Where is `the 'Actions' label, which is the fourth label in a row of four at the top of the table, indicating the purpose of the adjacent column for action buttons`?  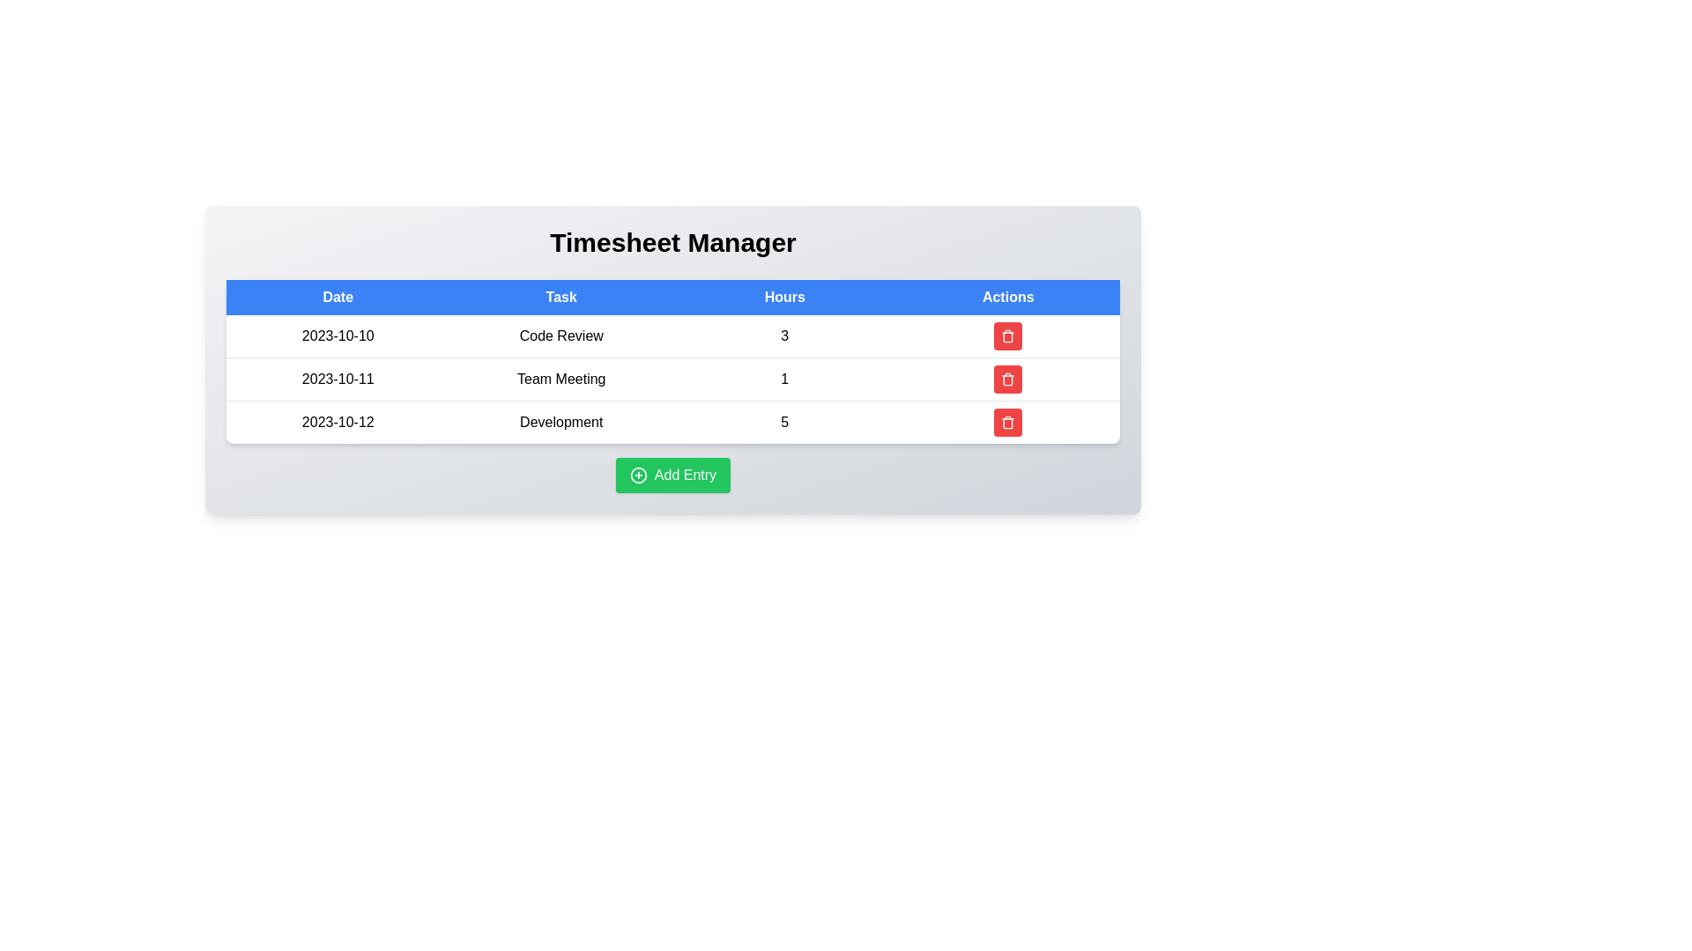
the 'Actions' label, which is the fourth label in a row of four at the top of the table, indicating the purpose of the adjacent column for action buttons is located at coordinates (1008, 297).